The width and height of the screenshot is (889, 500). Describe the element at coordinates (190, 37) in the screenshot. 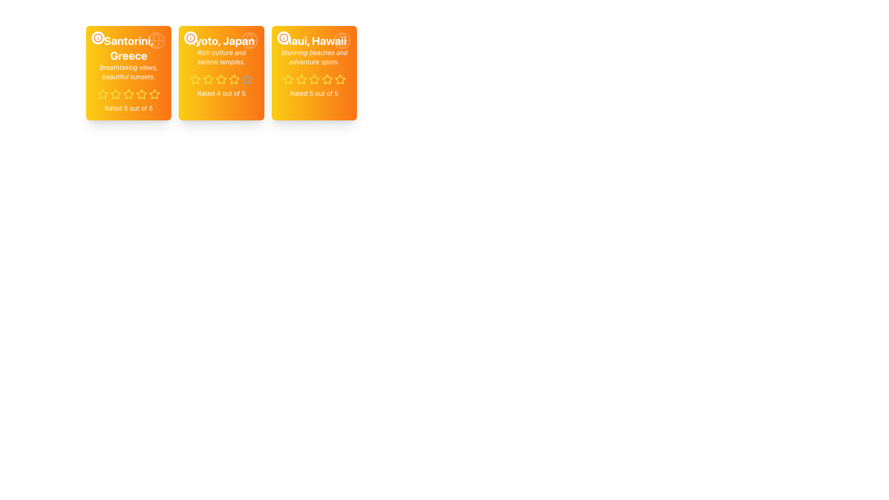

I see `the information icon located at the top-left corner of the card labeled 'Kyoto, Japan'` at that location.